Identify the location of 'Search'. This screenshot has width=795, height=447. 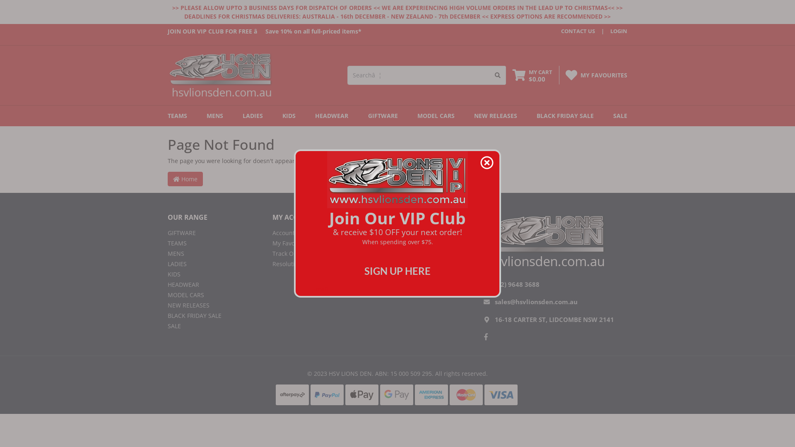
(497, 75).